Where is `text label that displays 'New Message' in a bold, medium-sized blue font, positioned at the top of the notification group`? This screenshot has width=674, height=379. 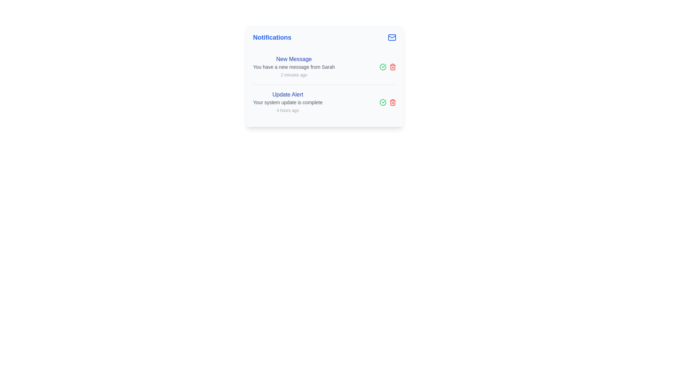 text label that displays 'New Message' in a bold, medium-sized blue font, positioned at the top of the notification group is located at coordinates (294, 59).